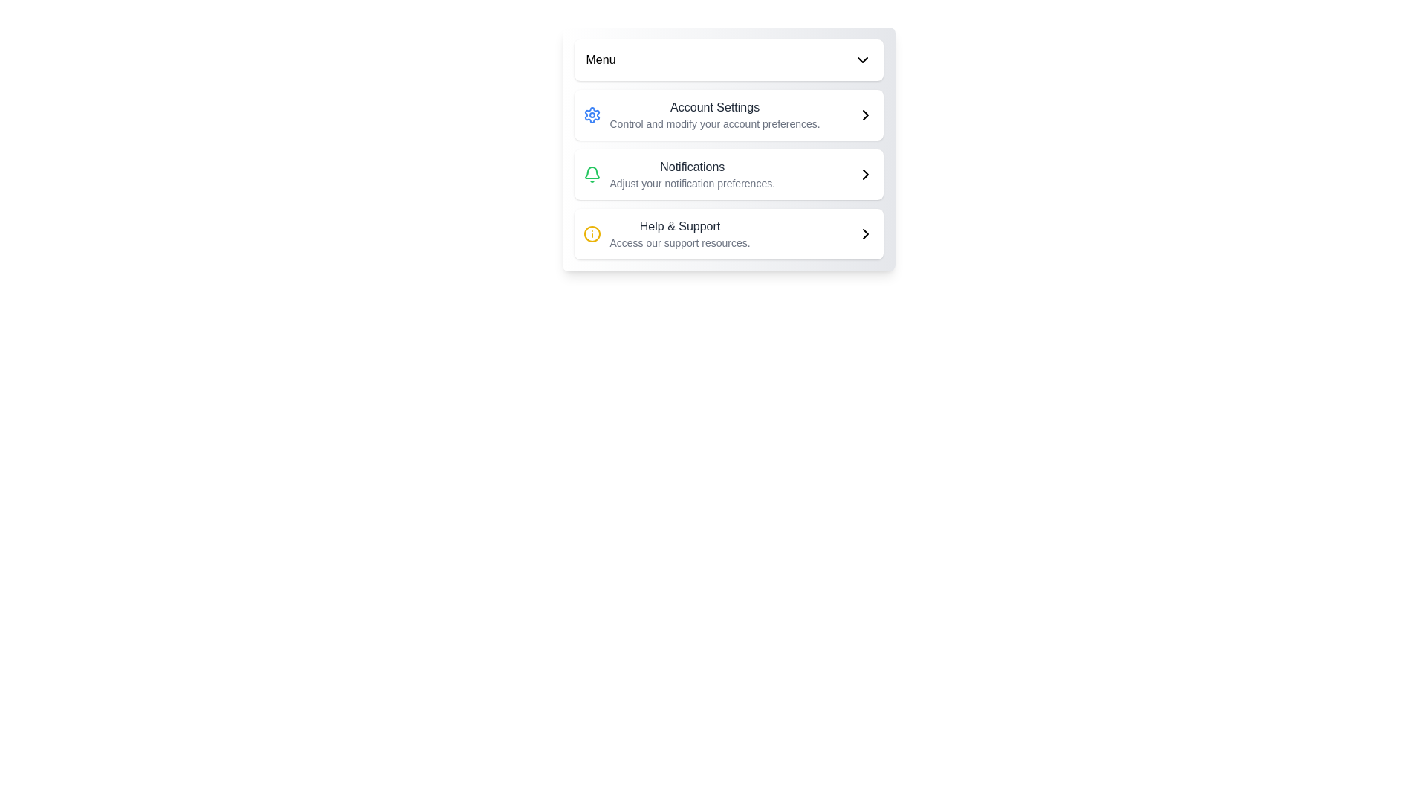 The width and height of the screenshot is (1427, 803). What do you see at coordinates (591, 234) in the screenshot?
I see `the help icon located to the left of the 'Help & Support' text in the bottom position of the vertically stacked menu layout` at bounding box center [591, 234].